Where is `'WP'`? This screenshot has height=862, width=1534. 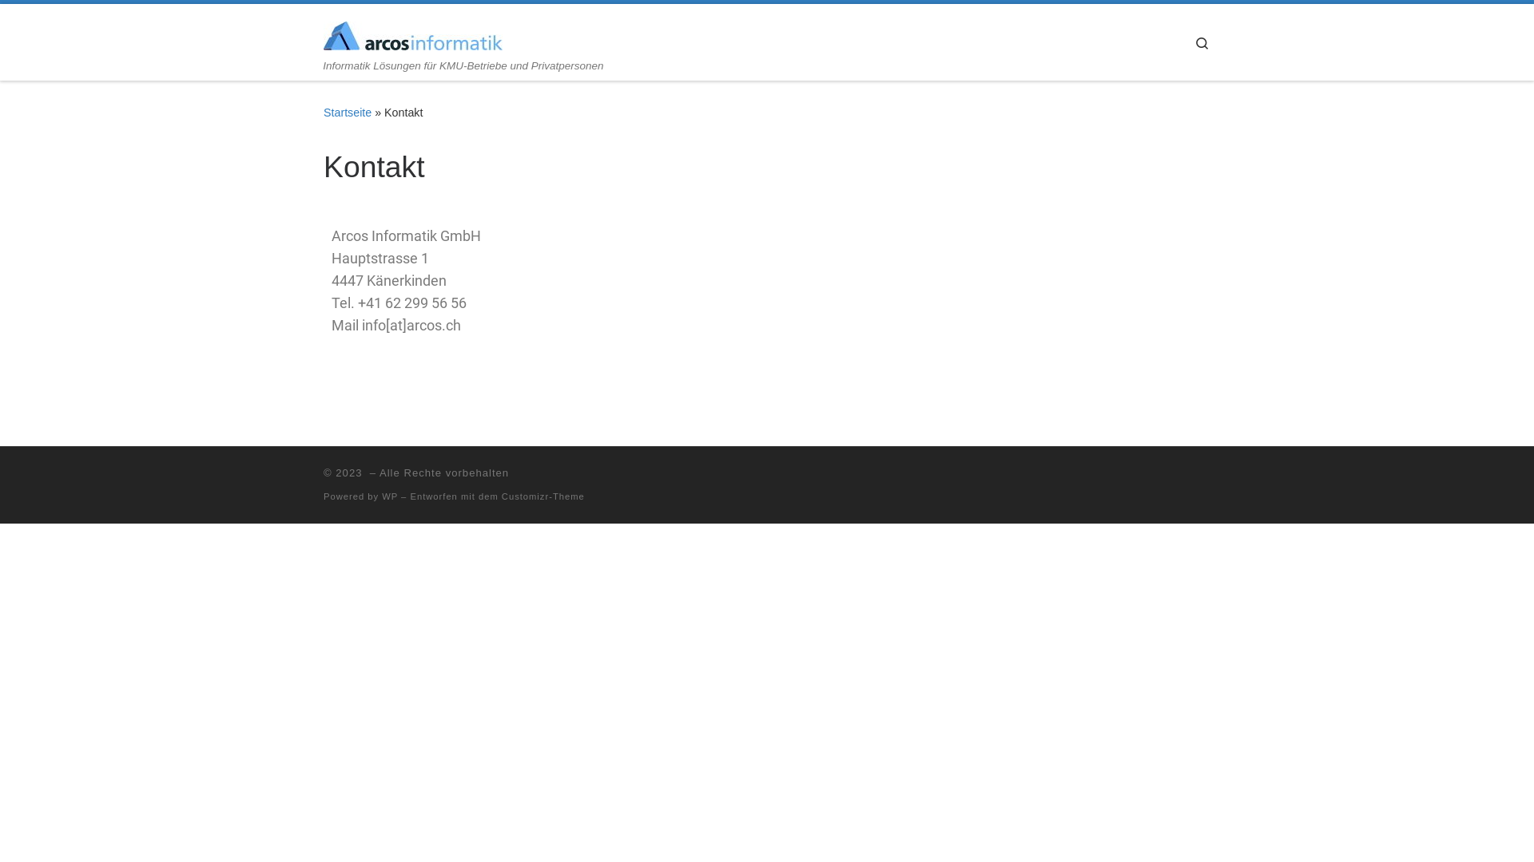 'WP' is located at coordinates (390, 495).